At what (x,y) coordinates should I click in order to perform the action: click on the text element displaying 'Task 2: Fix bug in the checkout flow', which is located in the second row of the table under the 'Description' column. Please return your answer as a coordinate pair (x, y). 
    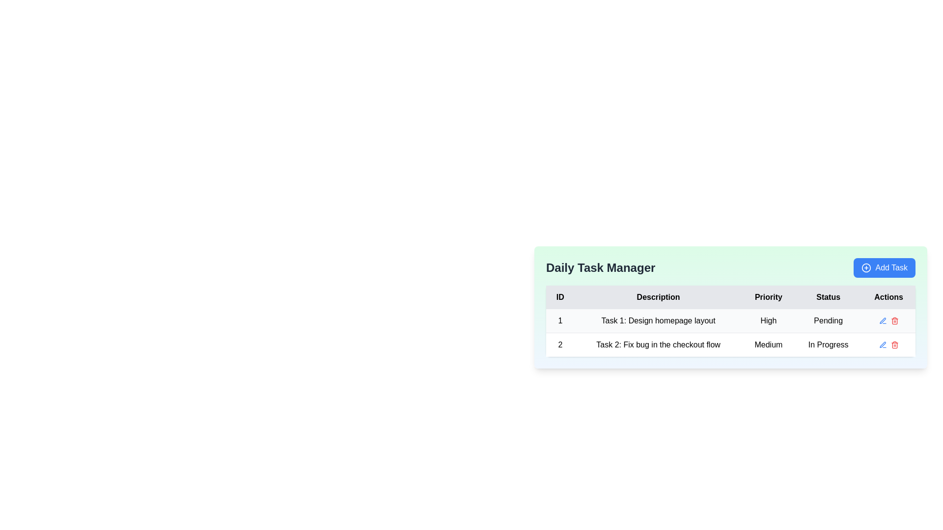
    Looking at the image, I should click on (658, 344).